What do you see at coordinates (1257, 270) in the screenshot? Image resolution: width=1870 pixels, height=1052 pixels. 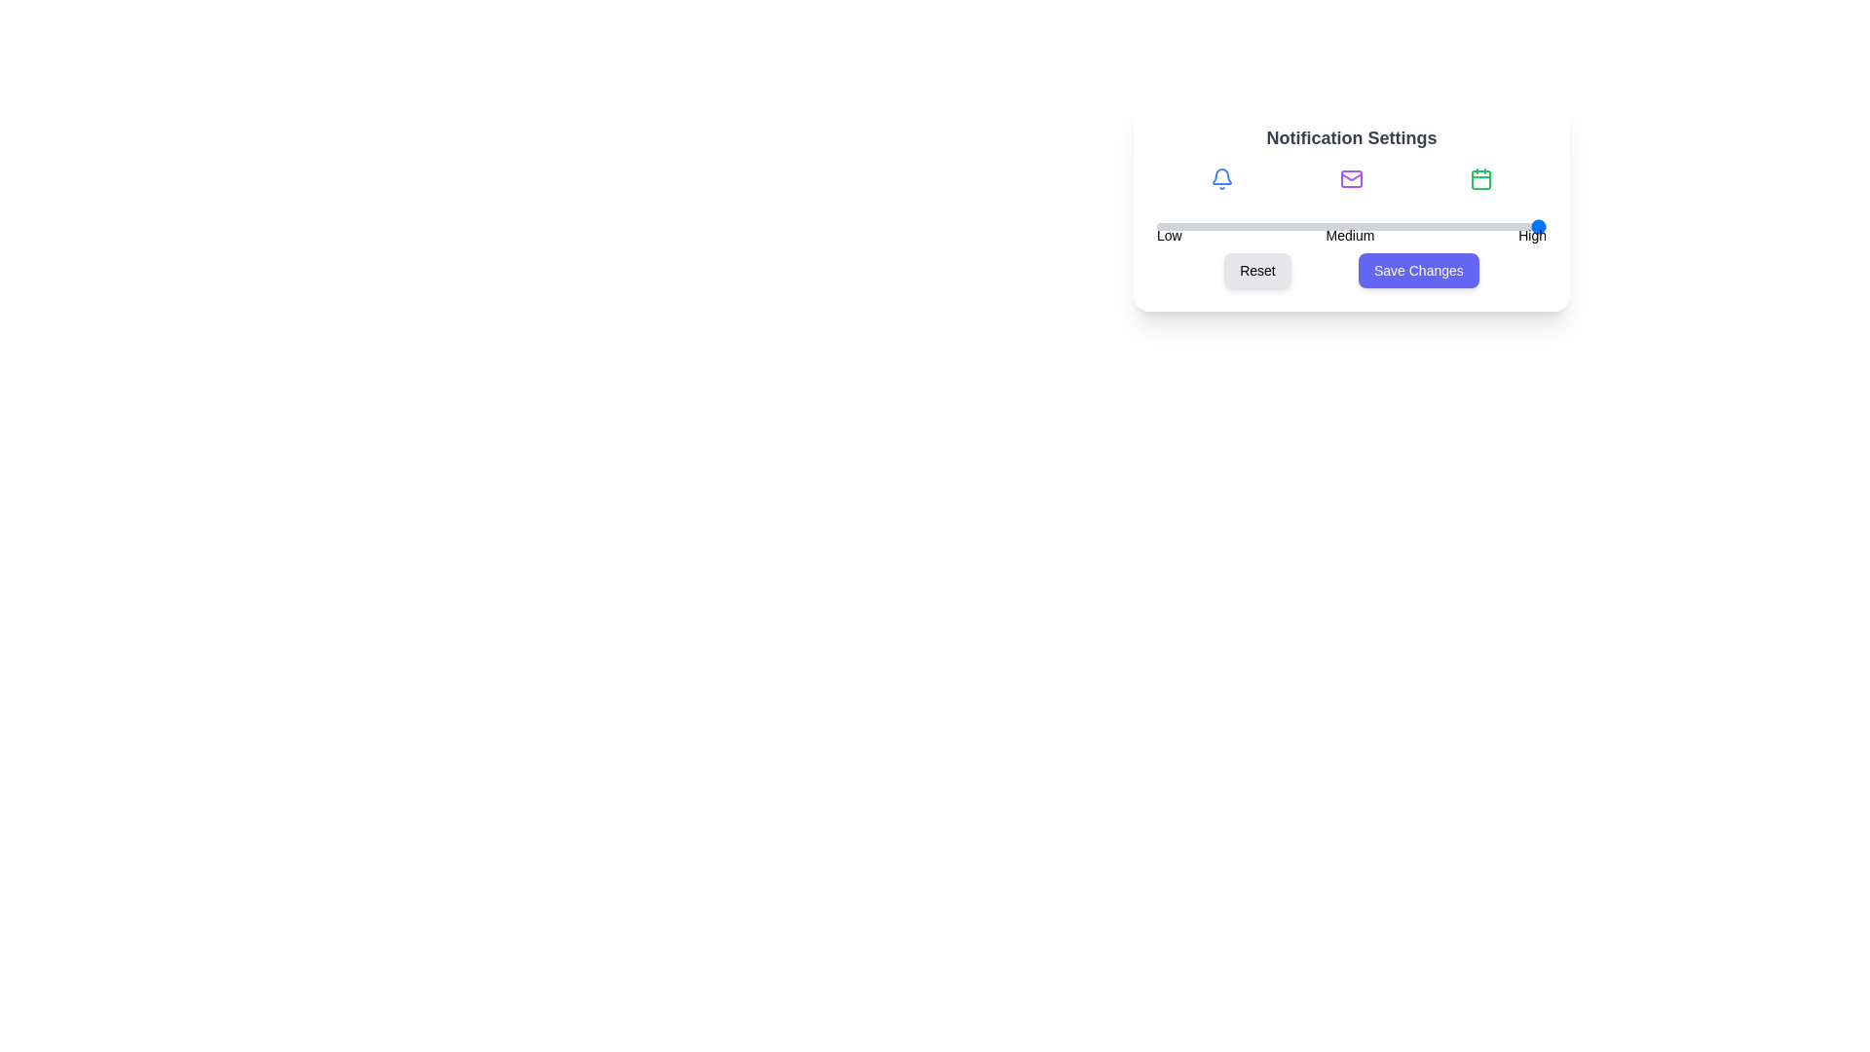 I see `'Reset' button to reset the settings` at bounding box center [1257, 270].